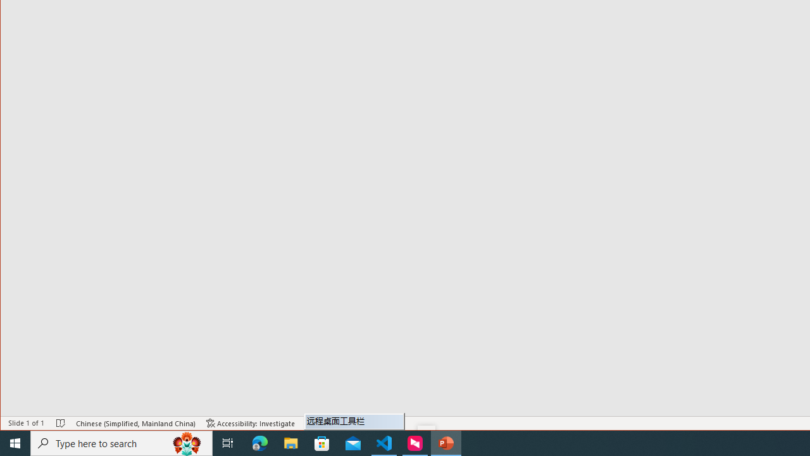  Describe the element at coordinates (15, 442) in the screenshot. I see `'Start'` at that location.